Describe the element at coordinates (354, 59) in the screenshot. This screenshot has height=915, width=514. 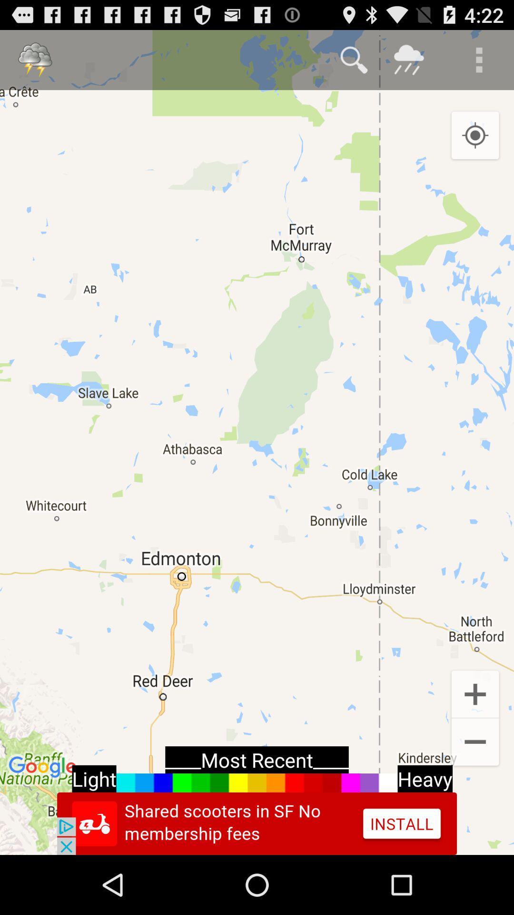
I see `begin search button` at that location.